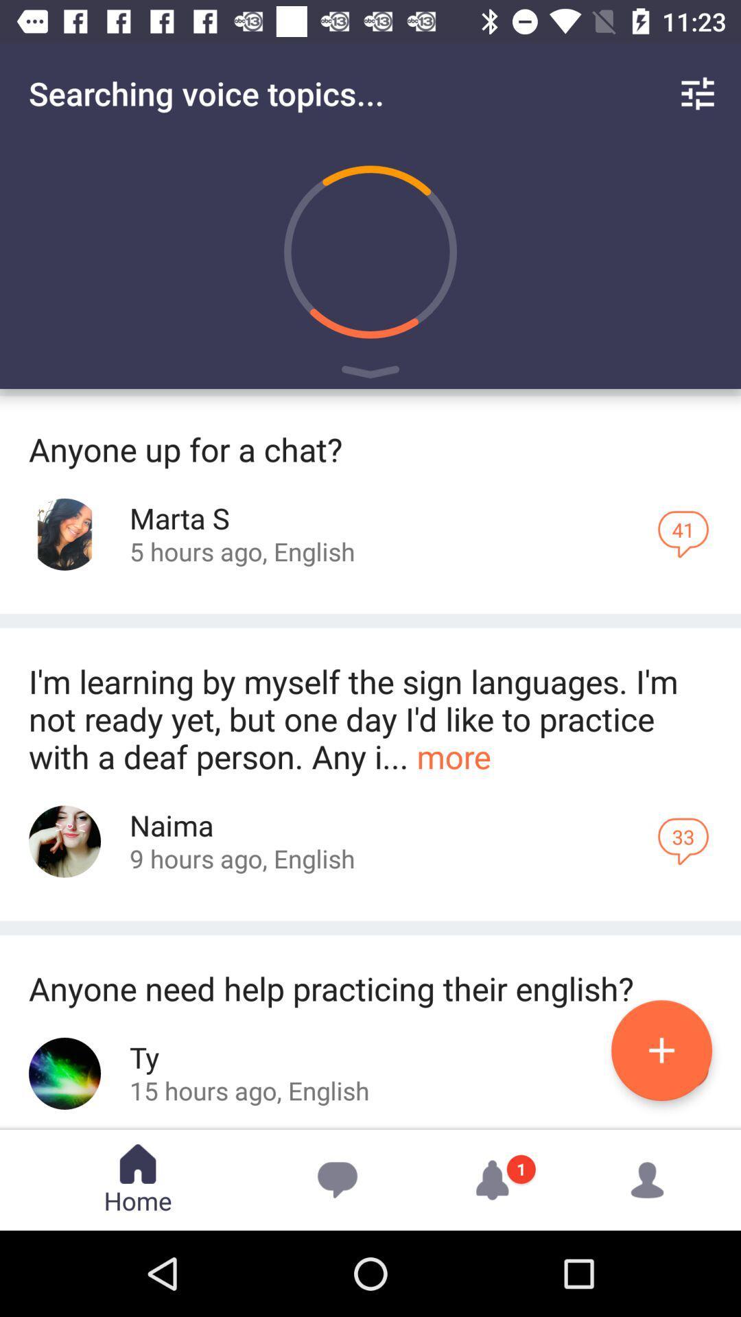 Image resolution: width=741 pixels, height=1317 pixels. Describe the element at coordinates (64, 534) in the screenshot. I see `profile picture` at that location.